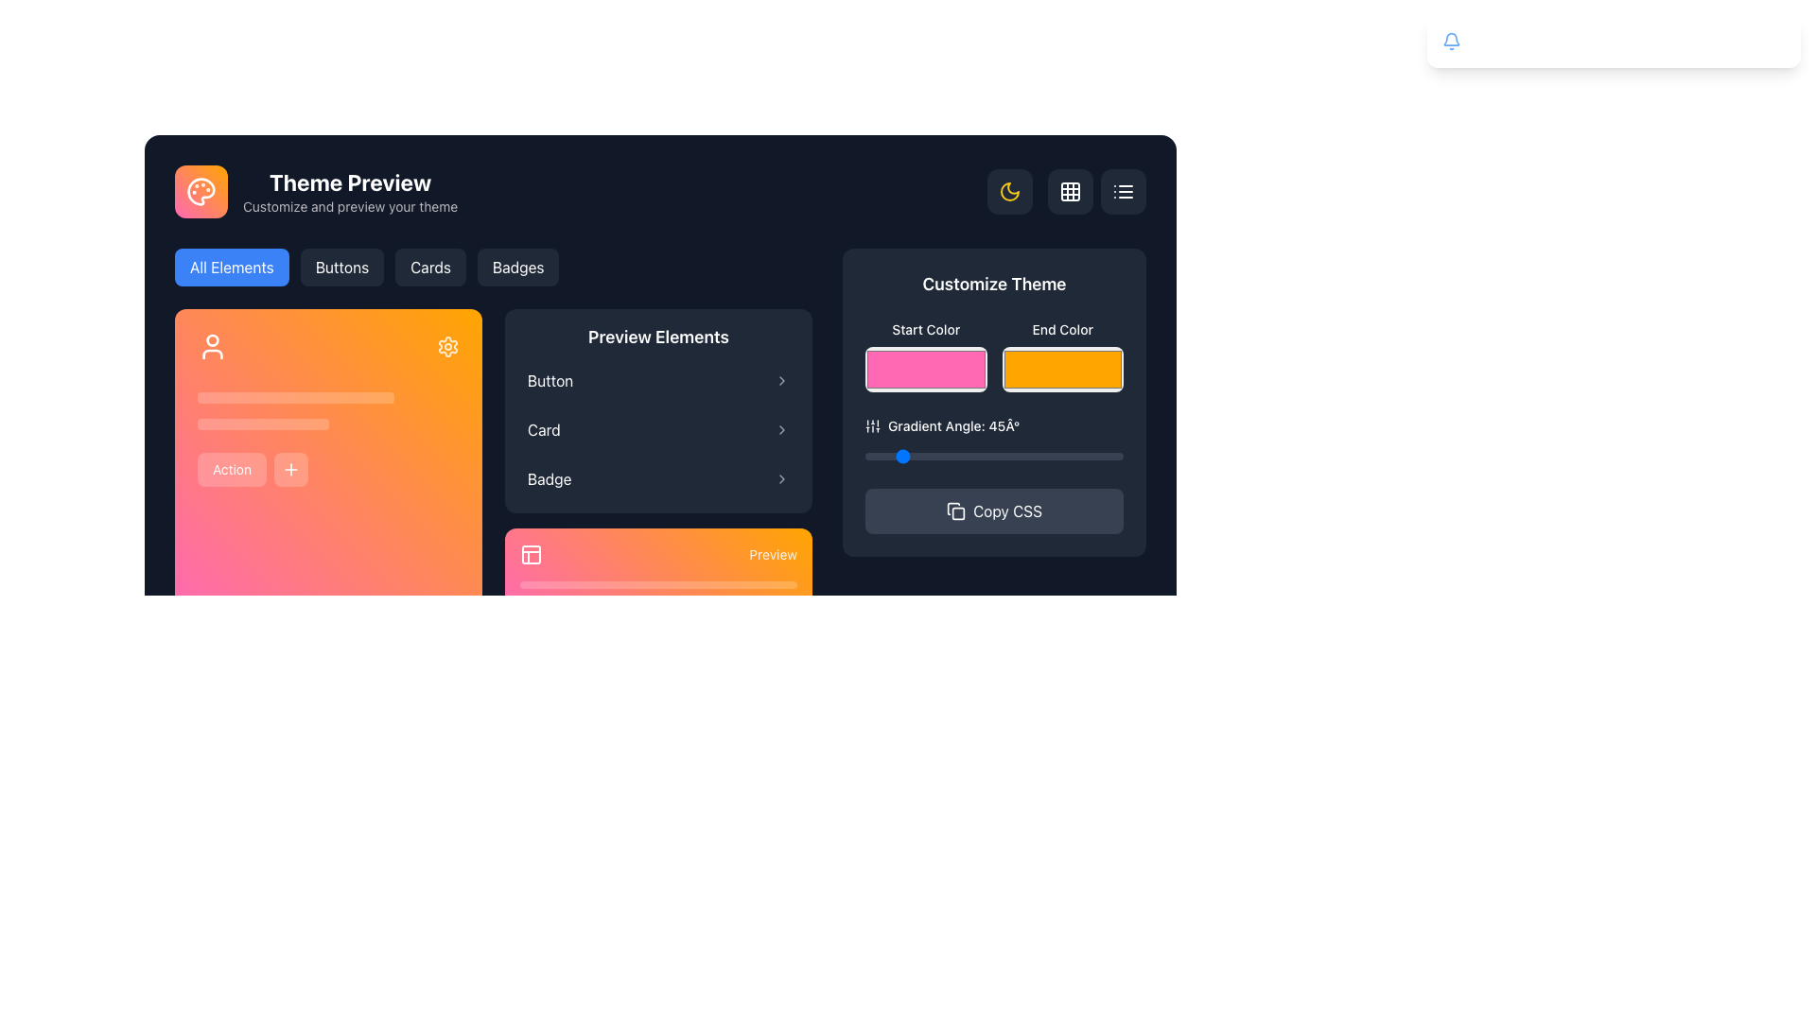 Image resolution: width=1816 pixels, height=1021 pixels. Describe the element at coordinates (926, 328) in the screenshot. I see `the 'Start Color' label, which is a small-sized, medium-weight text positioned in the top-left corner of the Customize Theme section, above the corresponding color input field` at that location.